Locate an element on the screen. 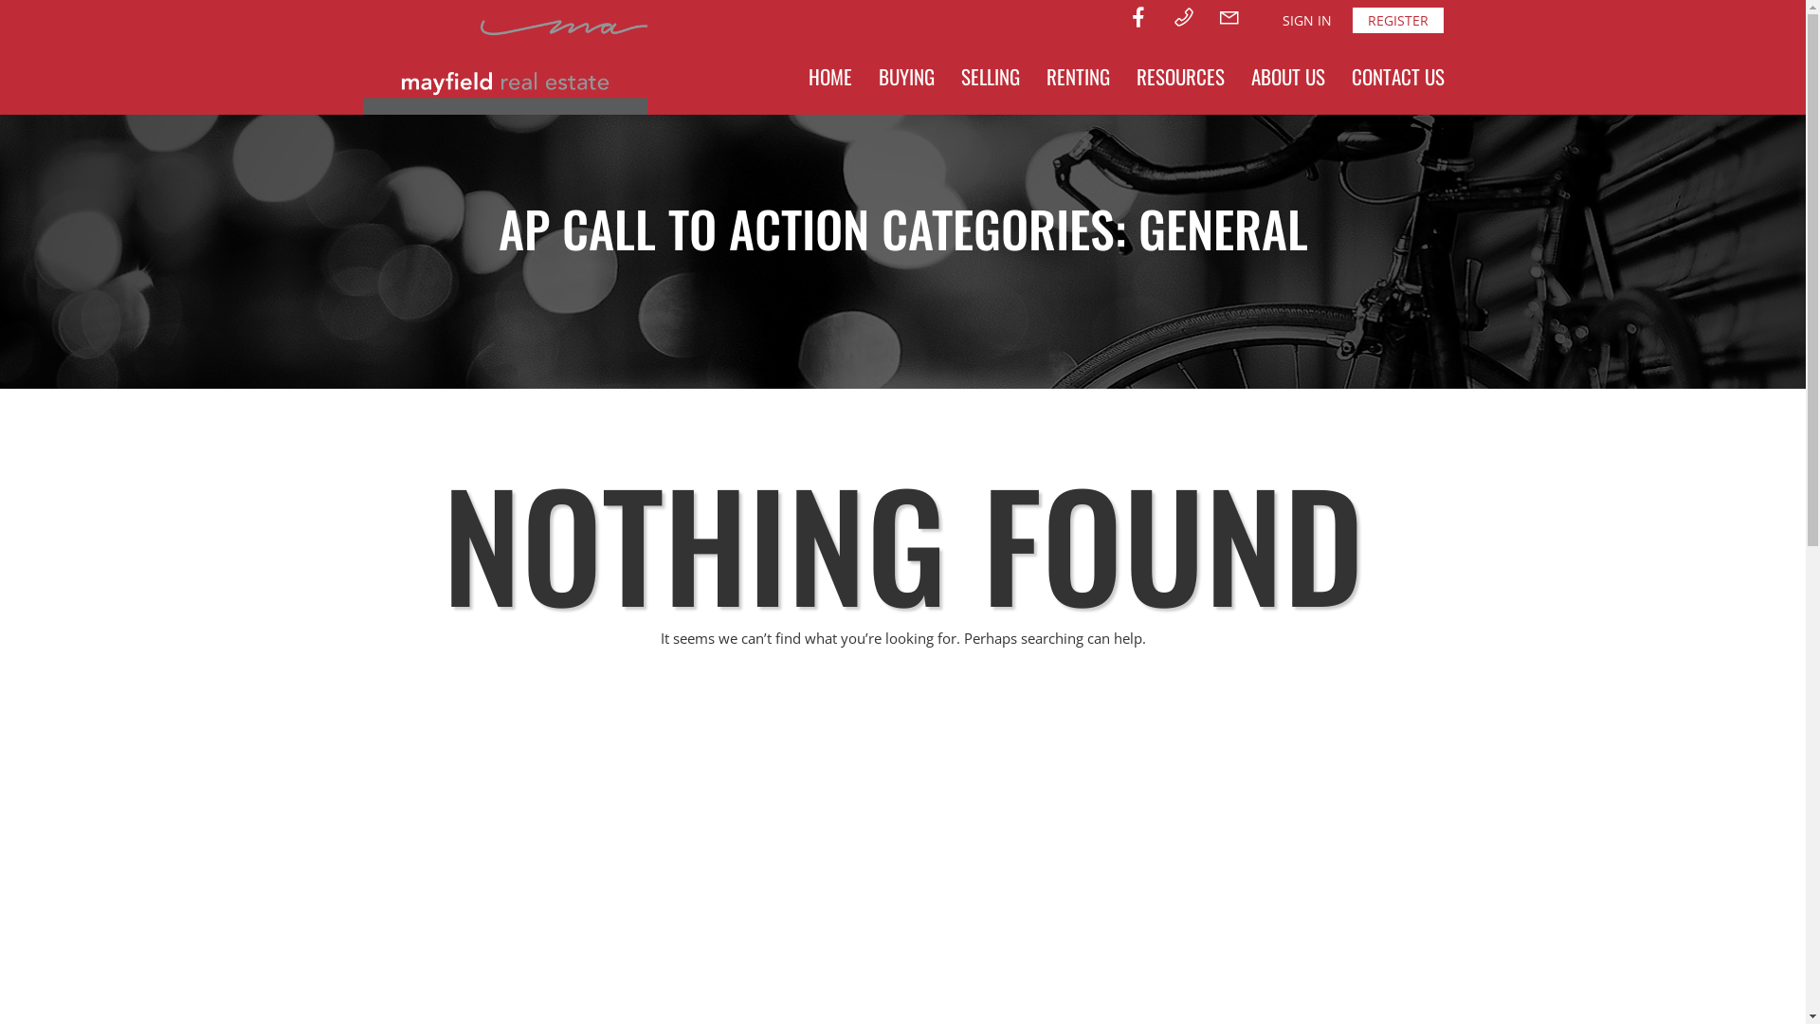 The width and height of the screenshot is (1820, 1024). 'REGISTER' is located at coordinates (1396, 20).